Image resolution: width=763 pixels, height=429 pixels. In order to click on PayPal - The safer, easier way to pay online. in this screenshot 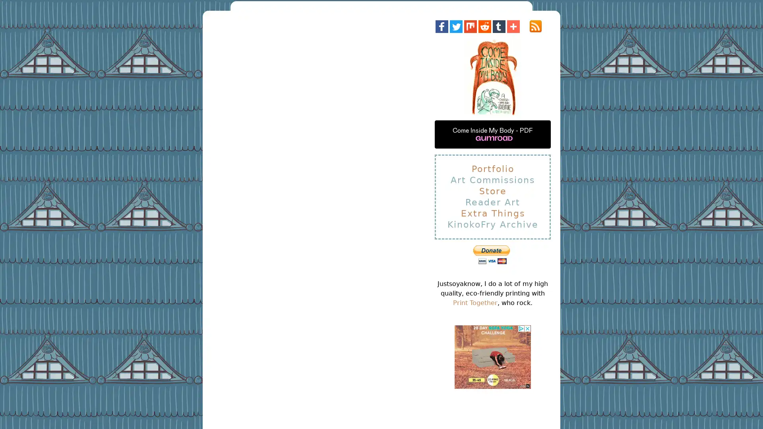, I will do `click(491, 255)`.